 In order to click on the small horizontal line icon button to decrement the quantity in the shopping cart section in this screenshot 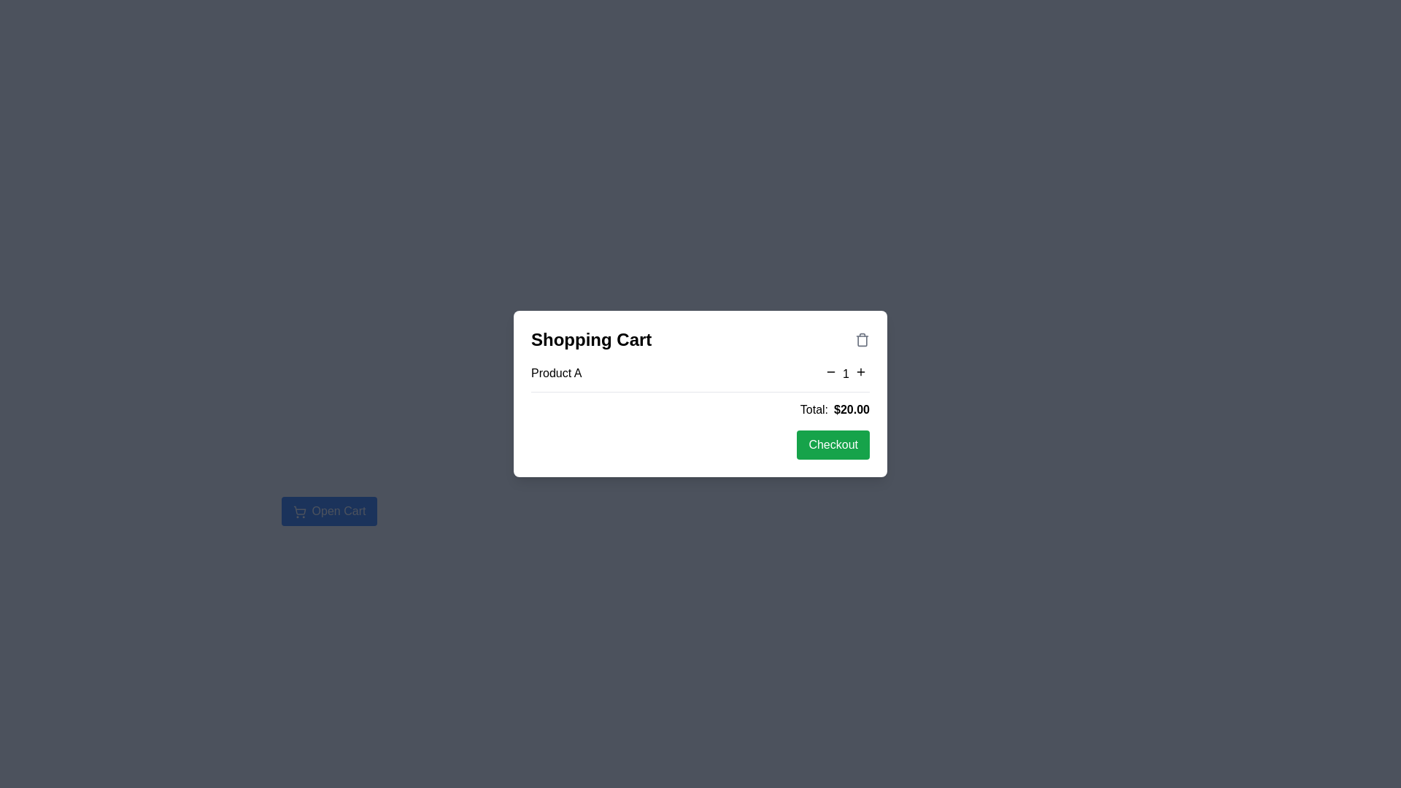, I will do `click(831, 371)`.